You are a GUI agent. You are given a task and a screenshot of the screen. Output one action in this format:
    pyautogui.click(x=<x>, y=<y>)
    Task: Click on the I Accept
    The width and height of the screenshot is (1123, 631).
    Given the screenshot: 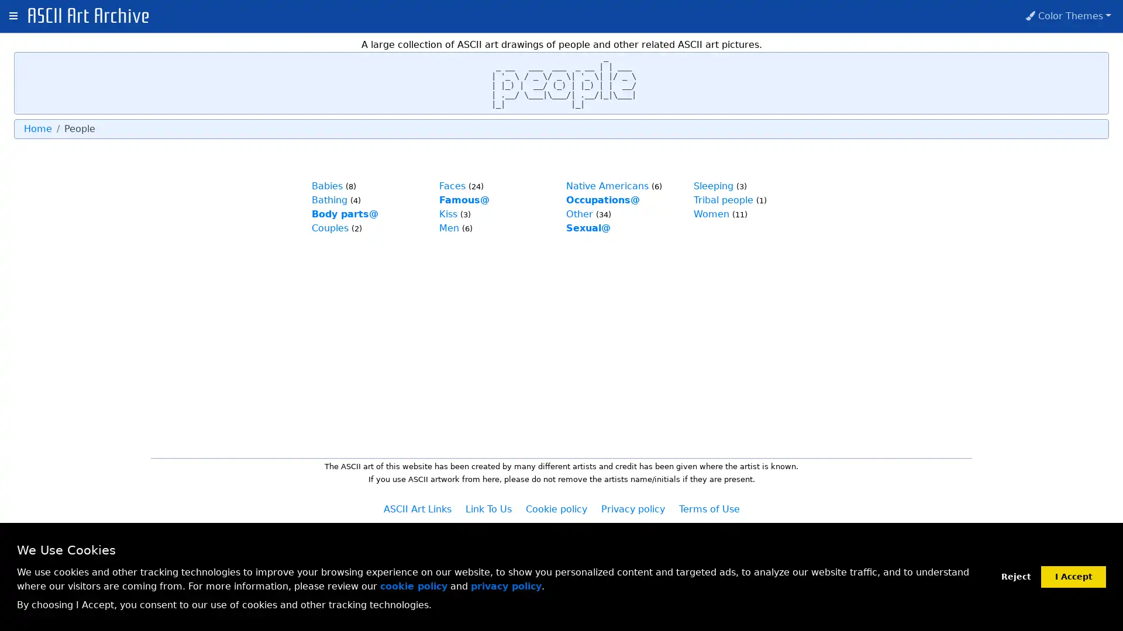 What is the action you would take?
    pyautogui.click(x=1073, y=575)
    